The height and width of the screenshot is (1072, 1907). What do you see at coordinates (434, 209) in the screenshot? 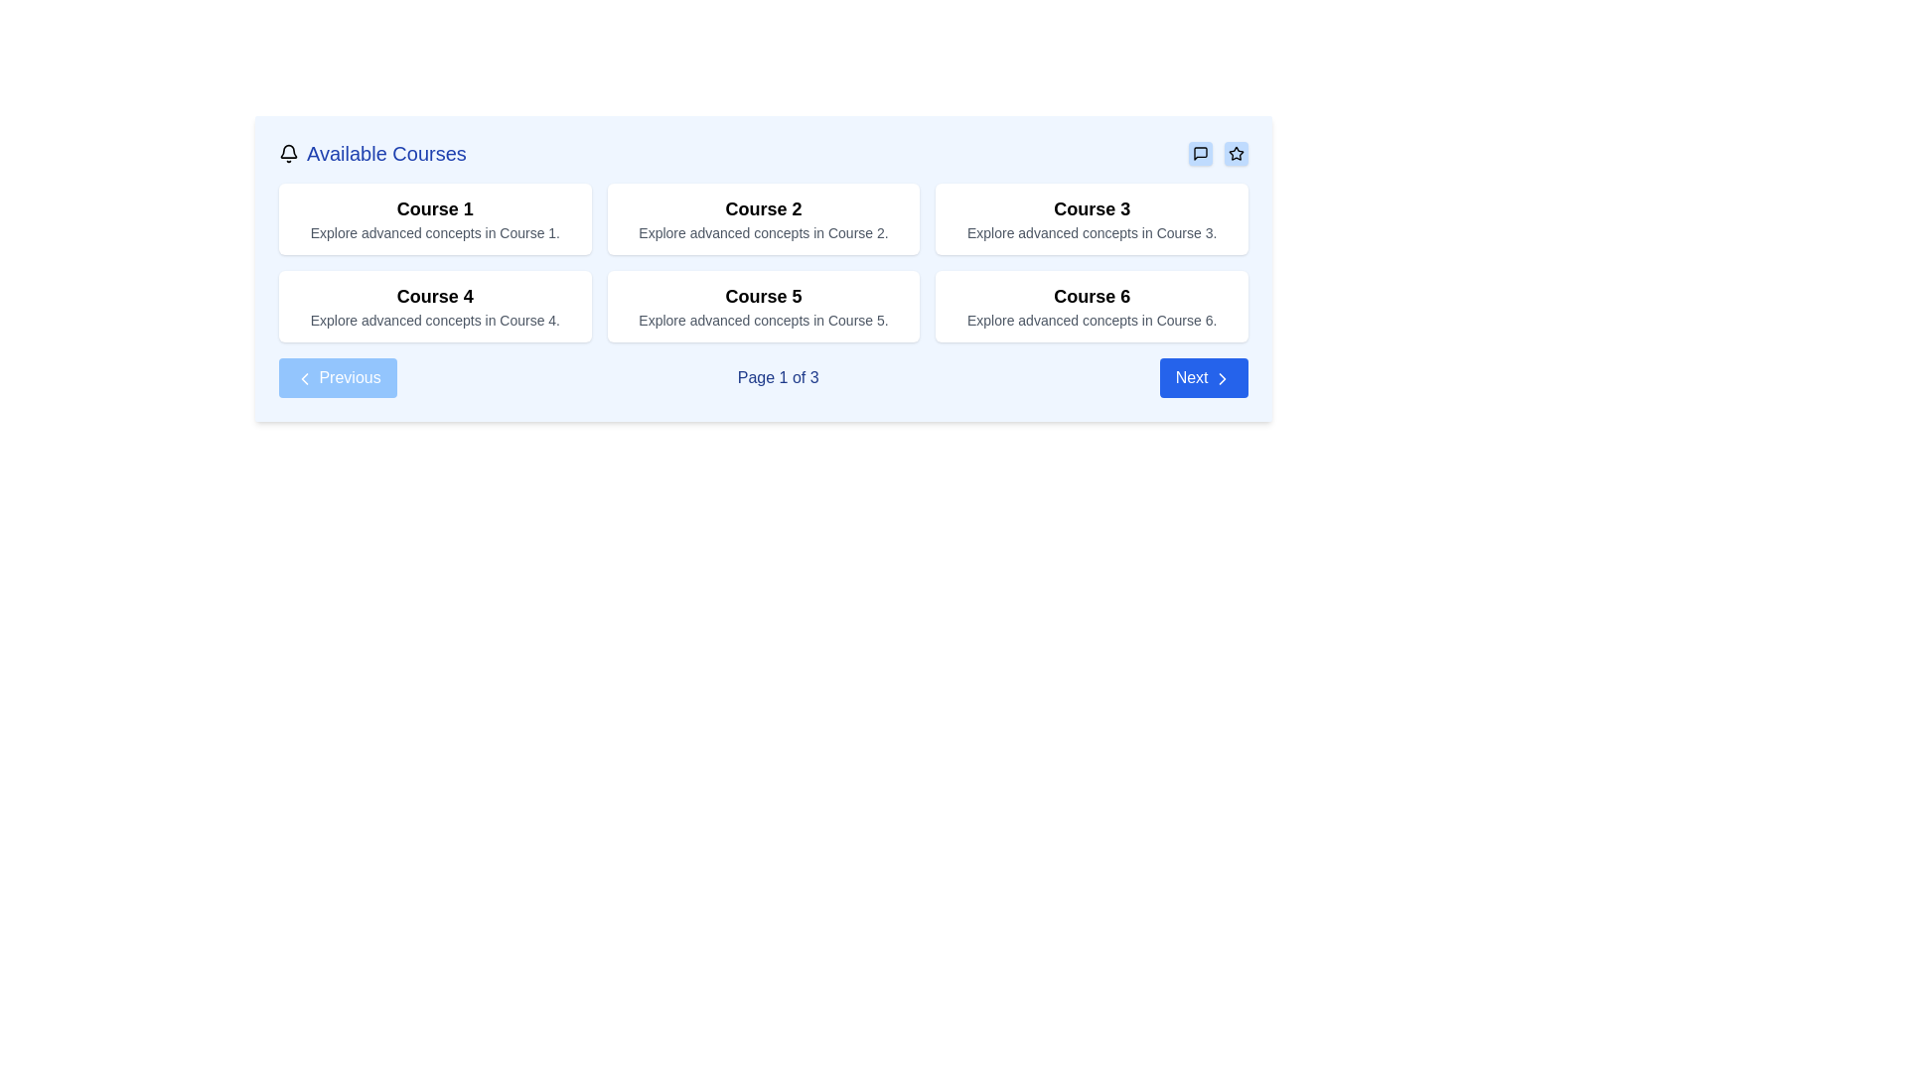
I see `the Text Label that provides the title or name of a course located in the top-left section of the grid, above the description text` at bounding box center [434, 209].